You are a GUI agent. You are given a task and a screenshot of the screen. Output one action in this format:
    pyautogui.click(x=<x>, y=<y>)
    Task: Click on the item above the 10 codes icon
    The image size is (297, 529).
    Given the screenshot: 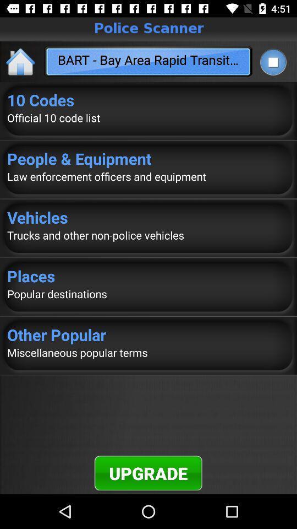 What is the action you would take?
    pyautogui.click(x=272, y=62)
    